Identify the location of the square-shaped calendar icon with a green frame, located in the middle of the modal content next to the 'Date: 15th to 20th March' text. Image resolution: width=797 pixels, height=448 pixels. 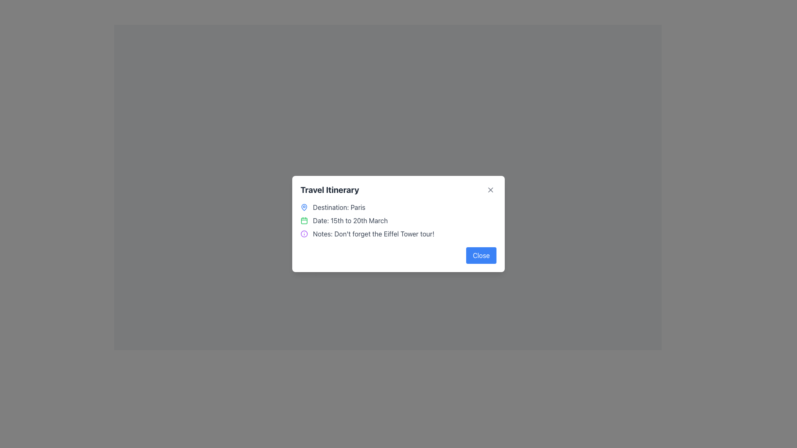
(304, 220).